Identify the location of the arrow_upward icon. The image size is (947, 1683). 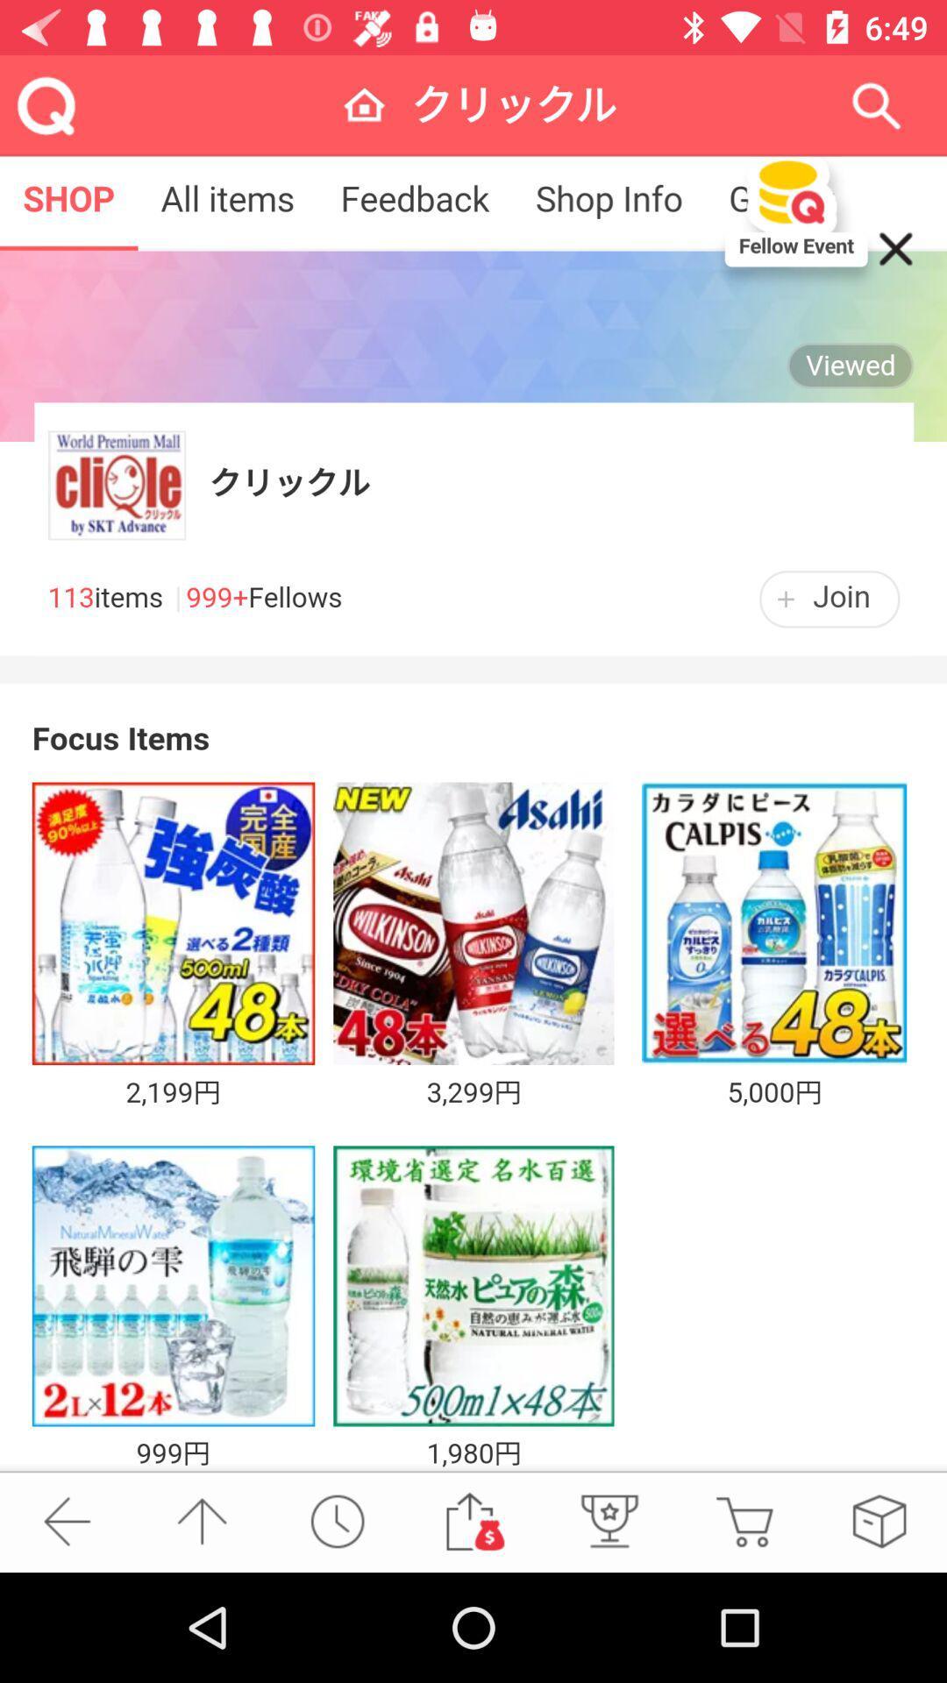
(201, 1520).